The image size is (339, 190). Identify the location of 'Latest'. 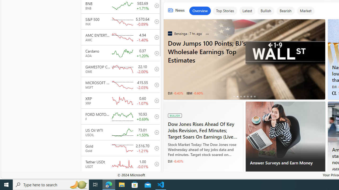
(247, 11).